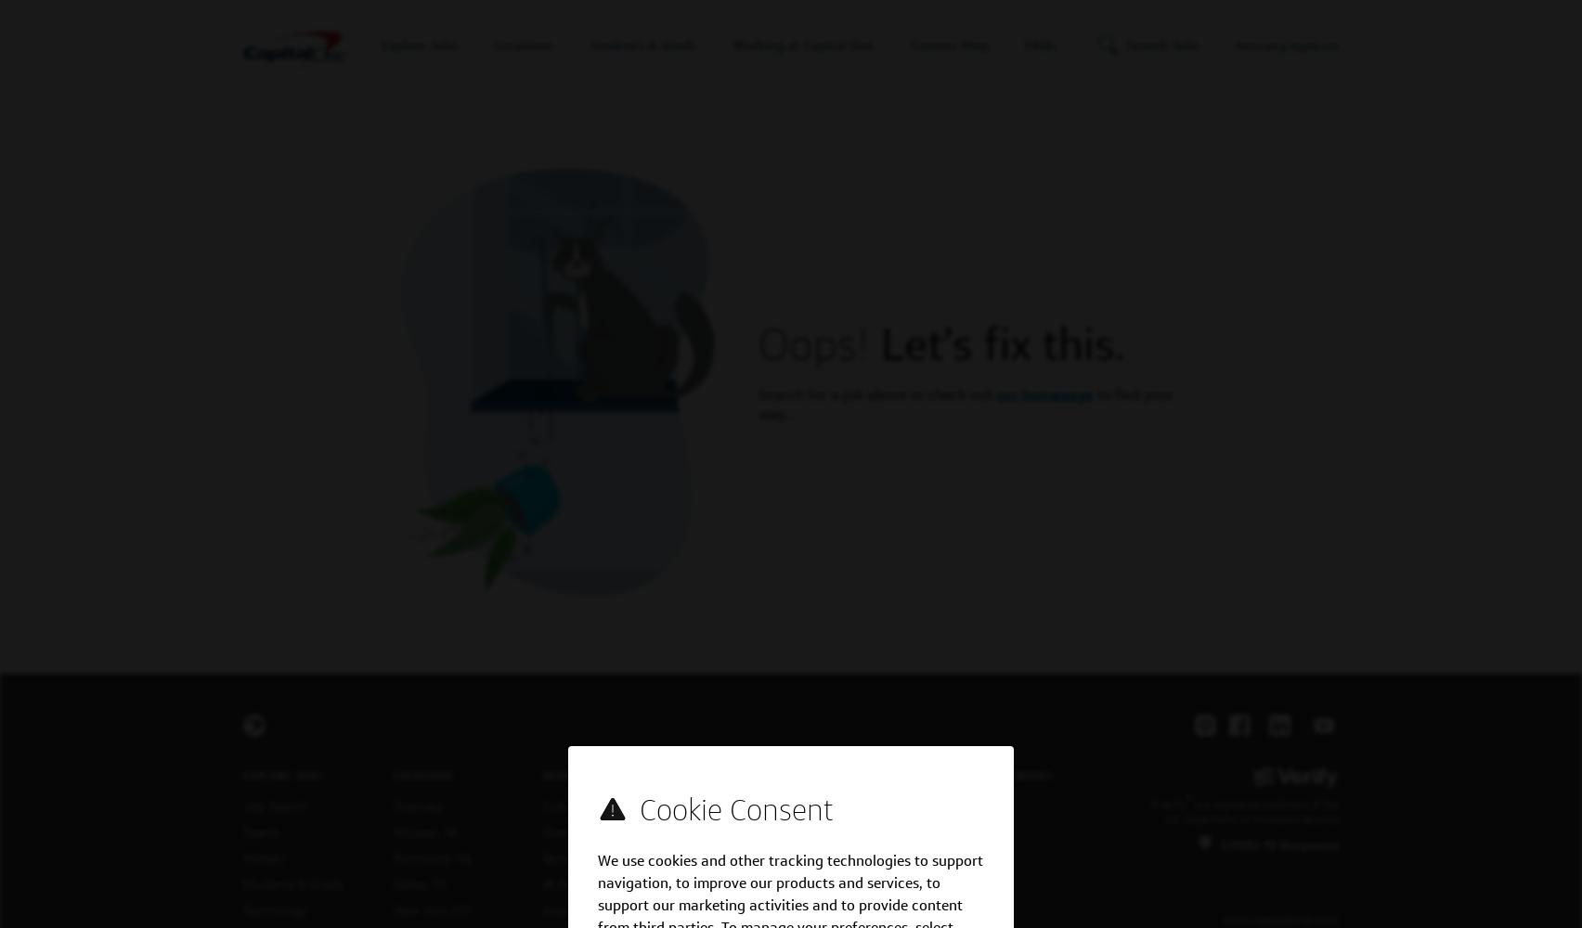 The width and height of the screenshot is (1582, 928). Describe the element at coordinates (758, 393) in the screenshot. I see `'Search for a job above or check out'` at that location.